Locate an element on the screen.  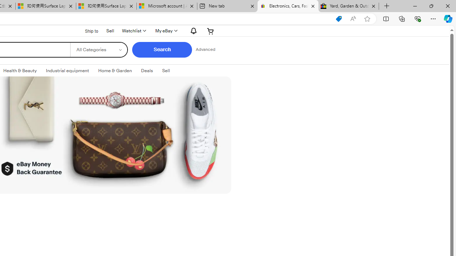
'Yard, Garden & Outdoor Living' is located at coordinates (348, 6).